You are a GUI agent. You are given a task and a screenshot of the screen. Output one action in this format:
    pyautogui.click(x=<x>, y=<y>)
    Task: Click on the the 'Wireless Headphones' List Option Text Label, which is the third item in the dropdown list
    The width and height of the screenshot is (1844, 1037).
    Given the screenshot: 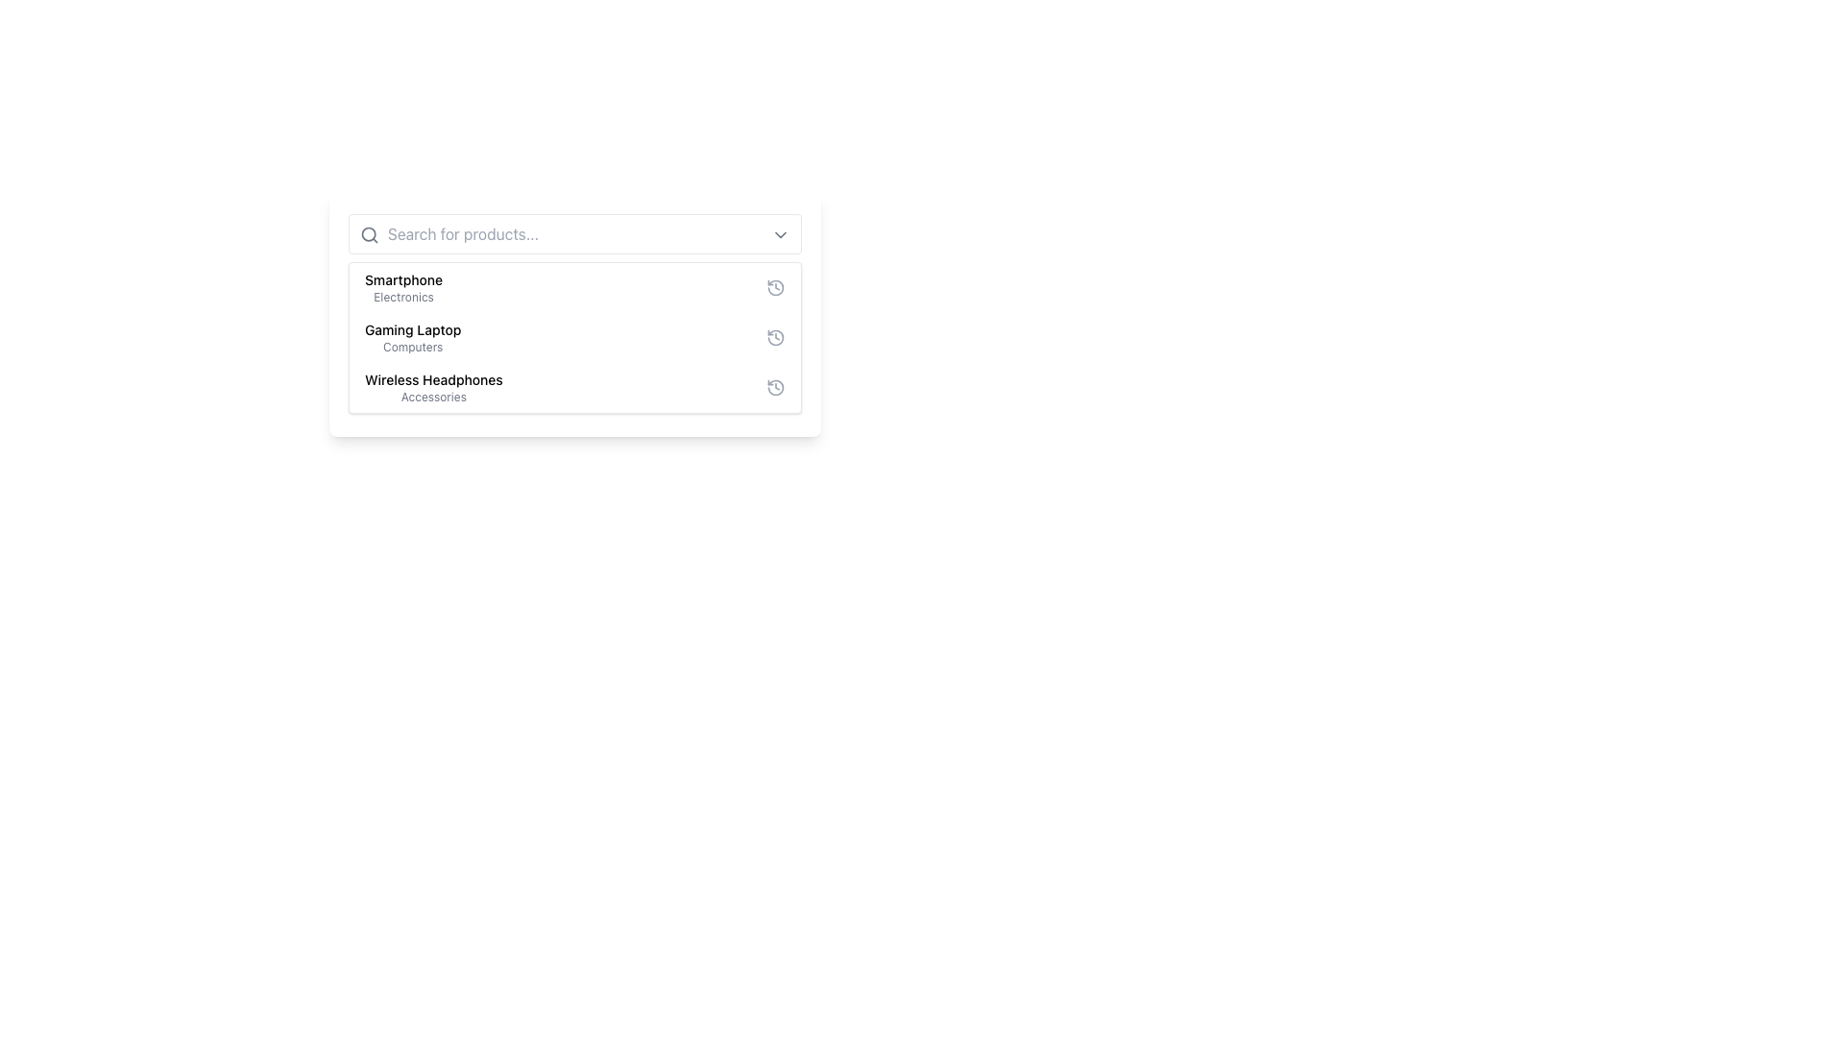 What is the action you would take?
    pyautogui.click(x=432, y=388)
    